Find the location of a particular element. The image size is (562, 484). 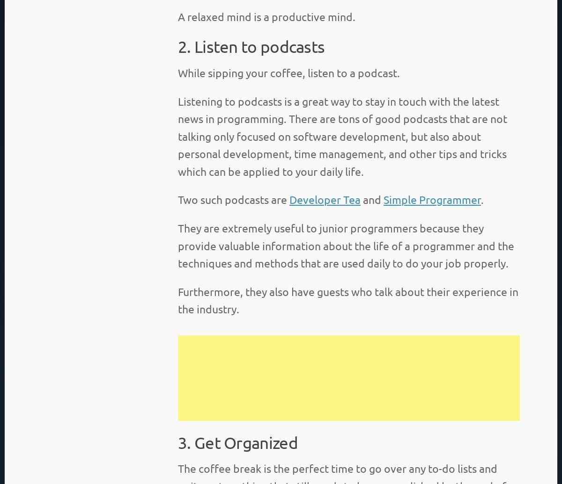

'Listening to podcasts is a great way to stay in touch with the latest news in programming. There are tons of good podcasts that are not talking only focused on software development, but also about personal development, time management, and other tips and tricks which can be applied to your daily life.' is located at coordinates (178, 136).